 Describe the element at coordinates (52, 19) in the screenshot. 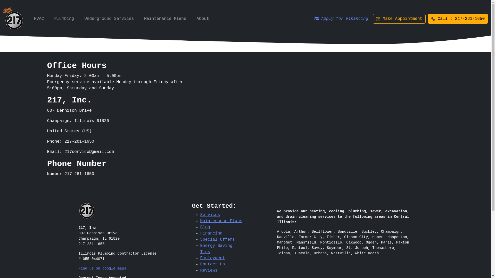

I see `'Plumbing'` at that location.